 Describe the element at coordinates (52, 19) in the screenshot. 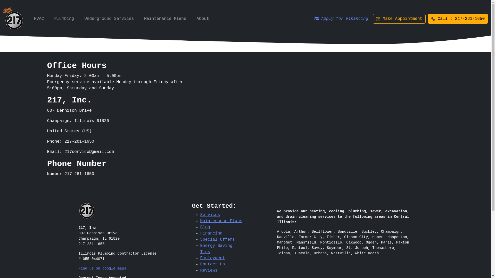

I see `'Plumbing'` at that location.